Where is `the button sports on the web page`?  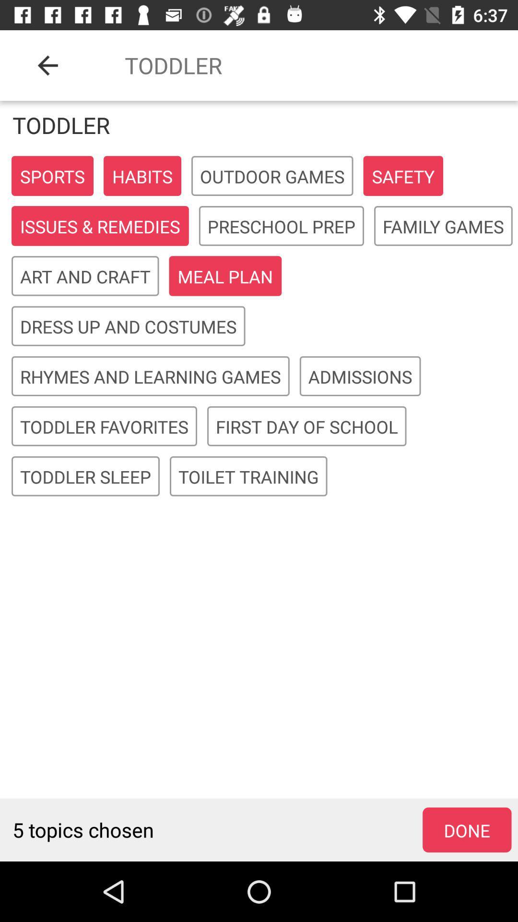 the button sports on the web page is located at coordinates (52, 176).